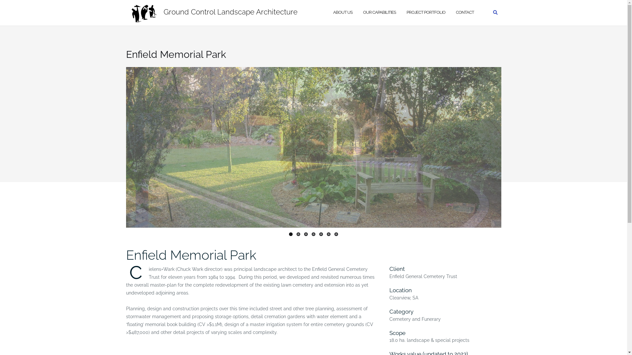 The height and width of the screenshot is (355, 632). What do you see at coordinates (342, 12) in the screenshot?
I see `'ABOUT US'` at bounding box center [342, 12].